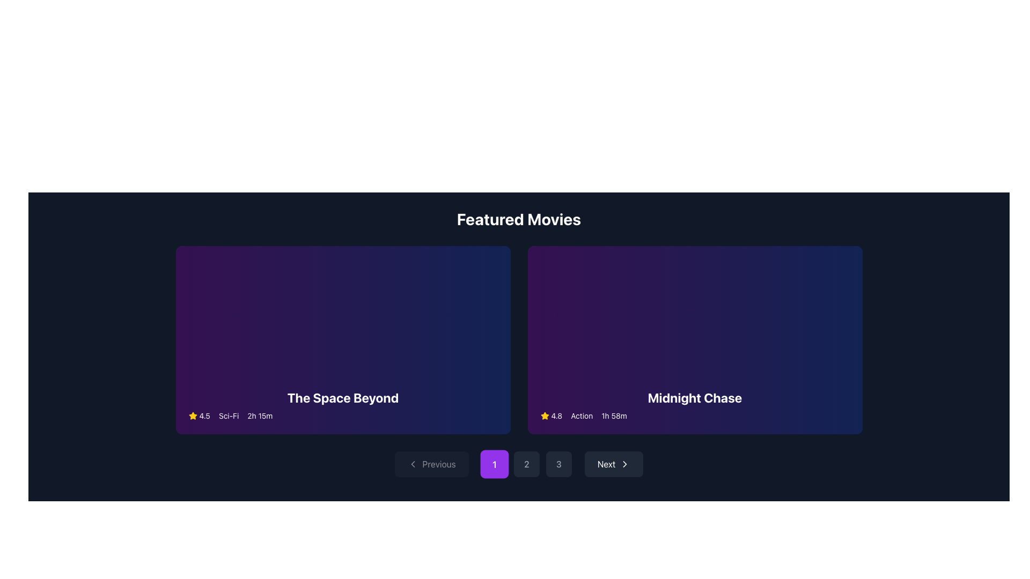  I want to click on the 'Next' button with rounded corners and a dark gray background that displays the text 'Next' in white, located at the bottom right corner of the UI, so click(614, 464).